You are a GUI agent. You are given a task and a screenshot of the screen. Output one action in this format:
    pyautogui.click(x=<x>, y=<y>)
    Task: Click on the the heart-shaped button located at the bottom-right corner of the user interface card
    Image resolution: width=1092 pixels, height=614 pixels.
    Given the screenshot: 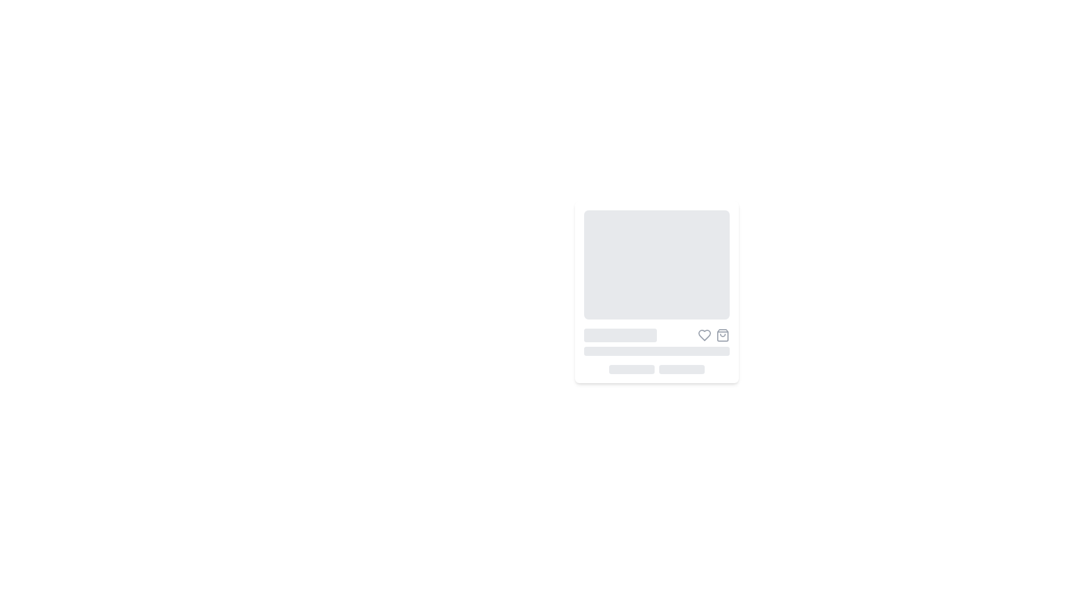 What is the action you would take?
    pyautogui.click(x=704, y=335)
    